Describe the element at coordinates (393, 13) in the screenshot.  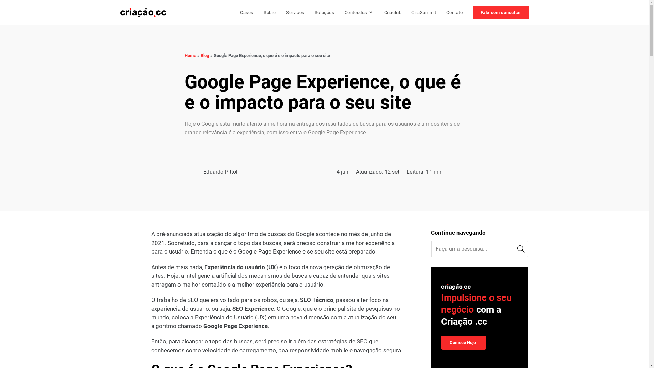
I see `'Criaclub'` at that location.